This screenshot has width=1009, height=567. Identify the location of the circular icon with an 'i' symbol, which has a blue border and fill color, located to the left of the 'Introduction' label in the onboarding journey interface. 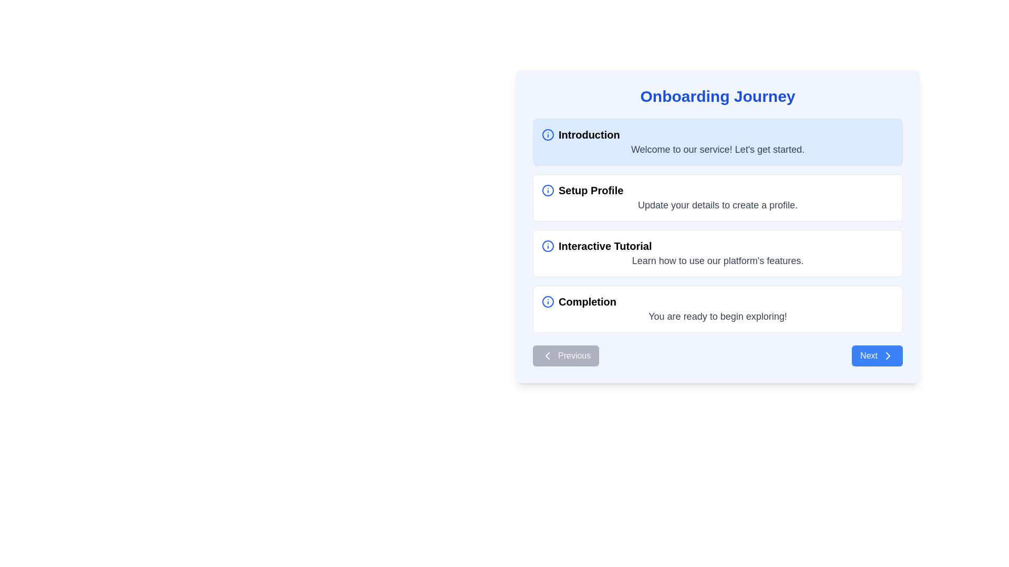
(547, 134).